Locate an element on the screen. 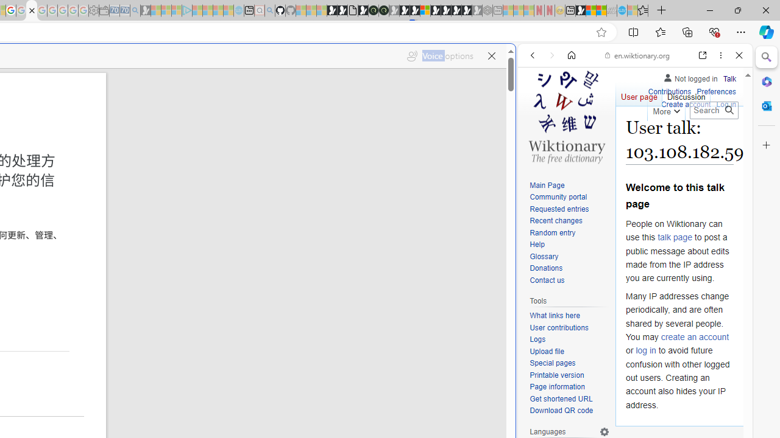 The width and height of the screenshot is (780, 438). 'What links here' is located at coordinates (554, 315).